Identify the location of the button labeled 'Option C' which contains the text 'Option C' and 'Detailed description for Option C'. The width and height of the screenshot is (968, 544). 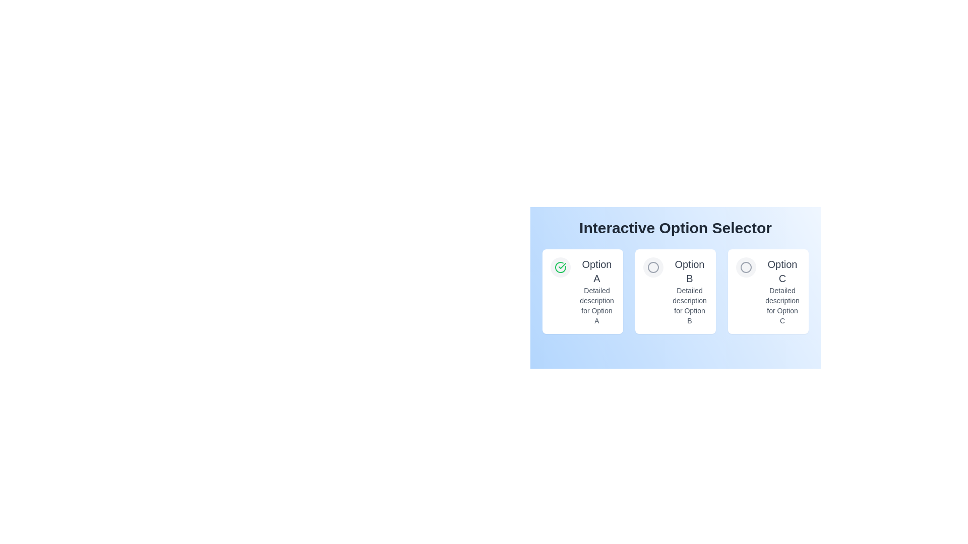
(781, 291).